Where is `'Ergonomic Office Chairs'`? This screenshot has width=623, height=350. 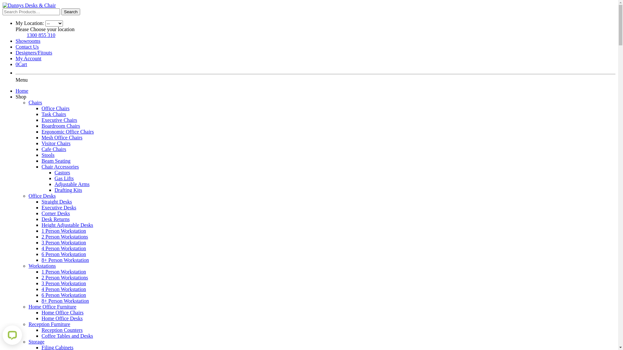
'Ergonomic Office Chairs' is located at coordinates (67, 131).